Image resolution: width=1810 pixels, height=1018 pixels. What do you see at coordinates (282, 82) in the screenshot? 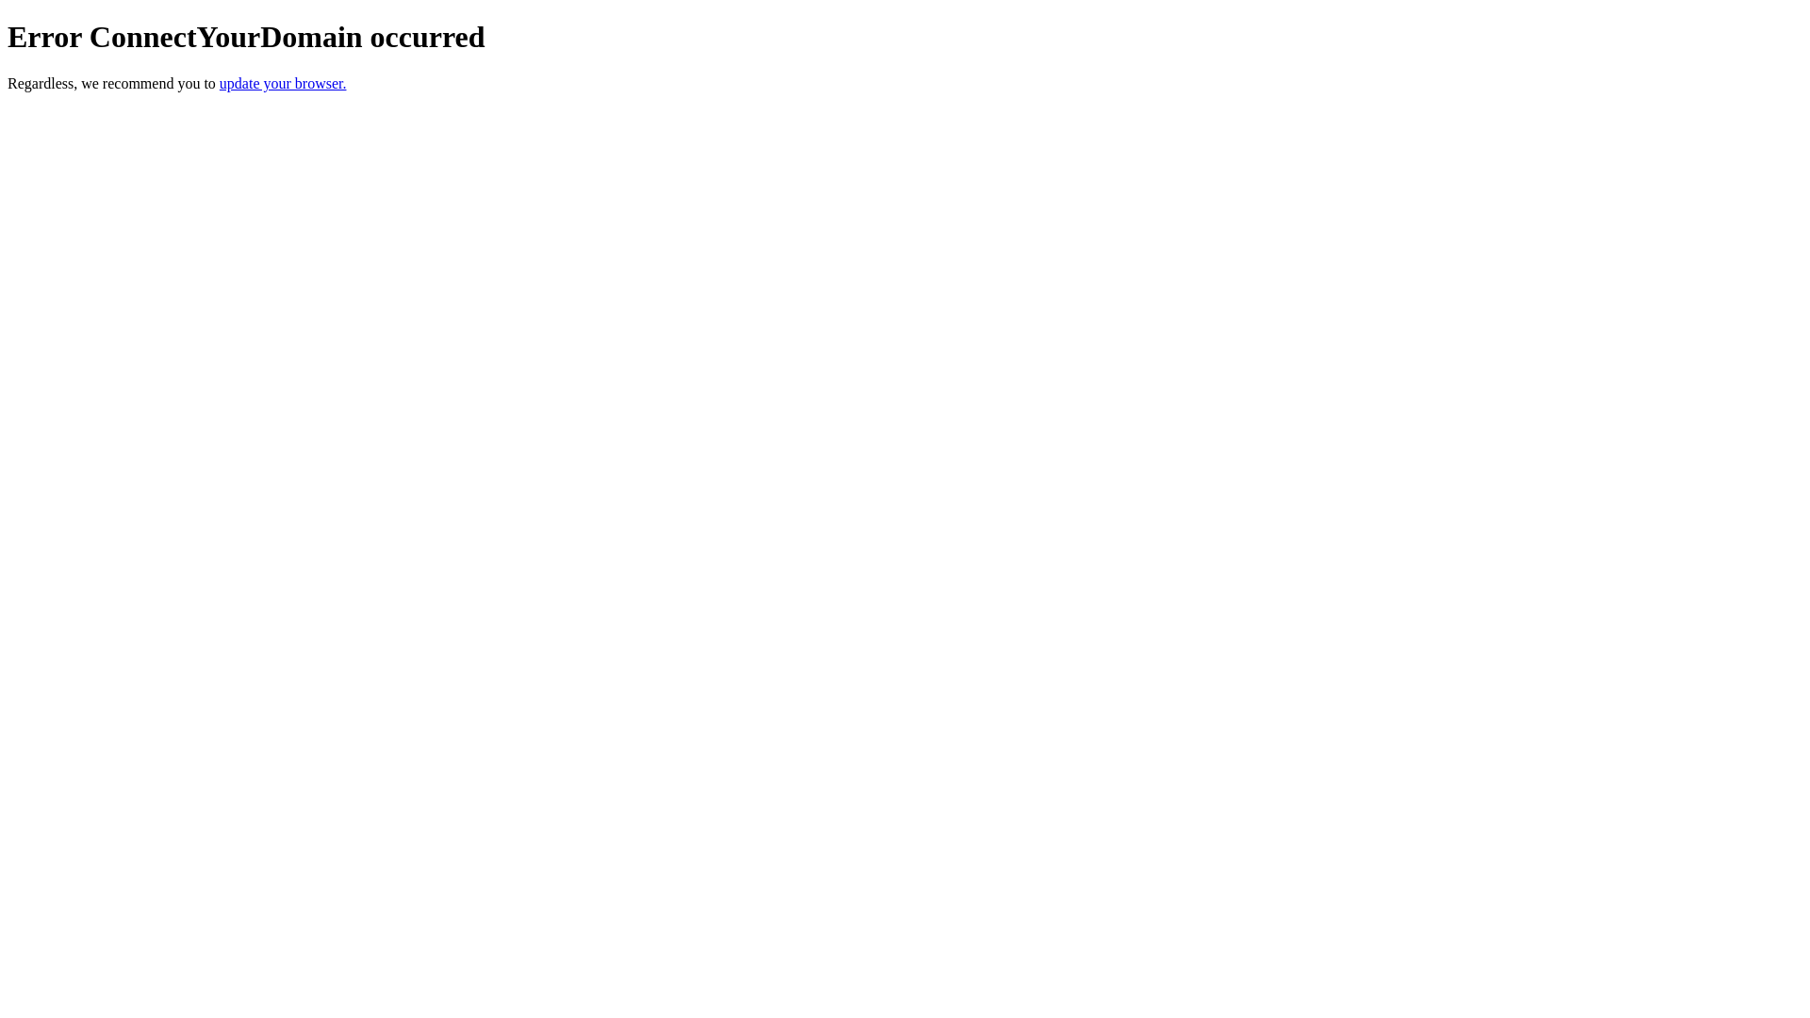
I see `'update your browser.'` at bounding box center [282, 82].